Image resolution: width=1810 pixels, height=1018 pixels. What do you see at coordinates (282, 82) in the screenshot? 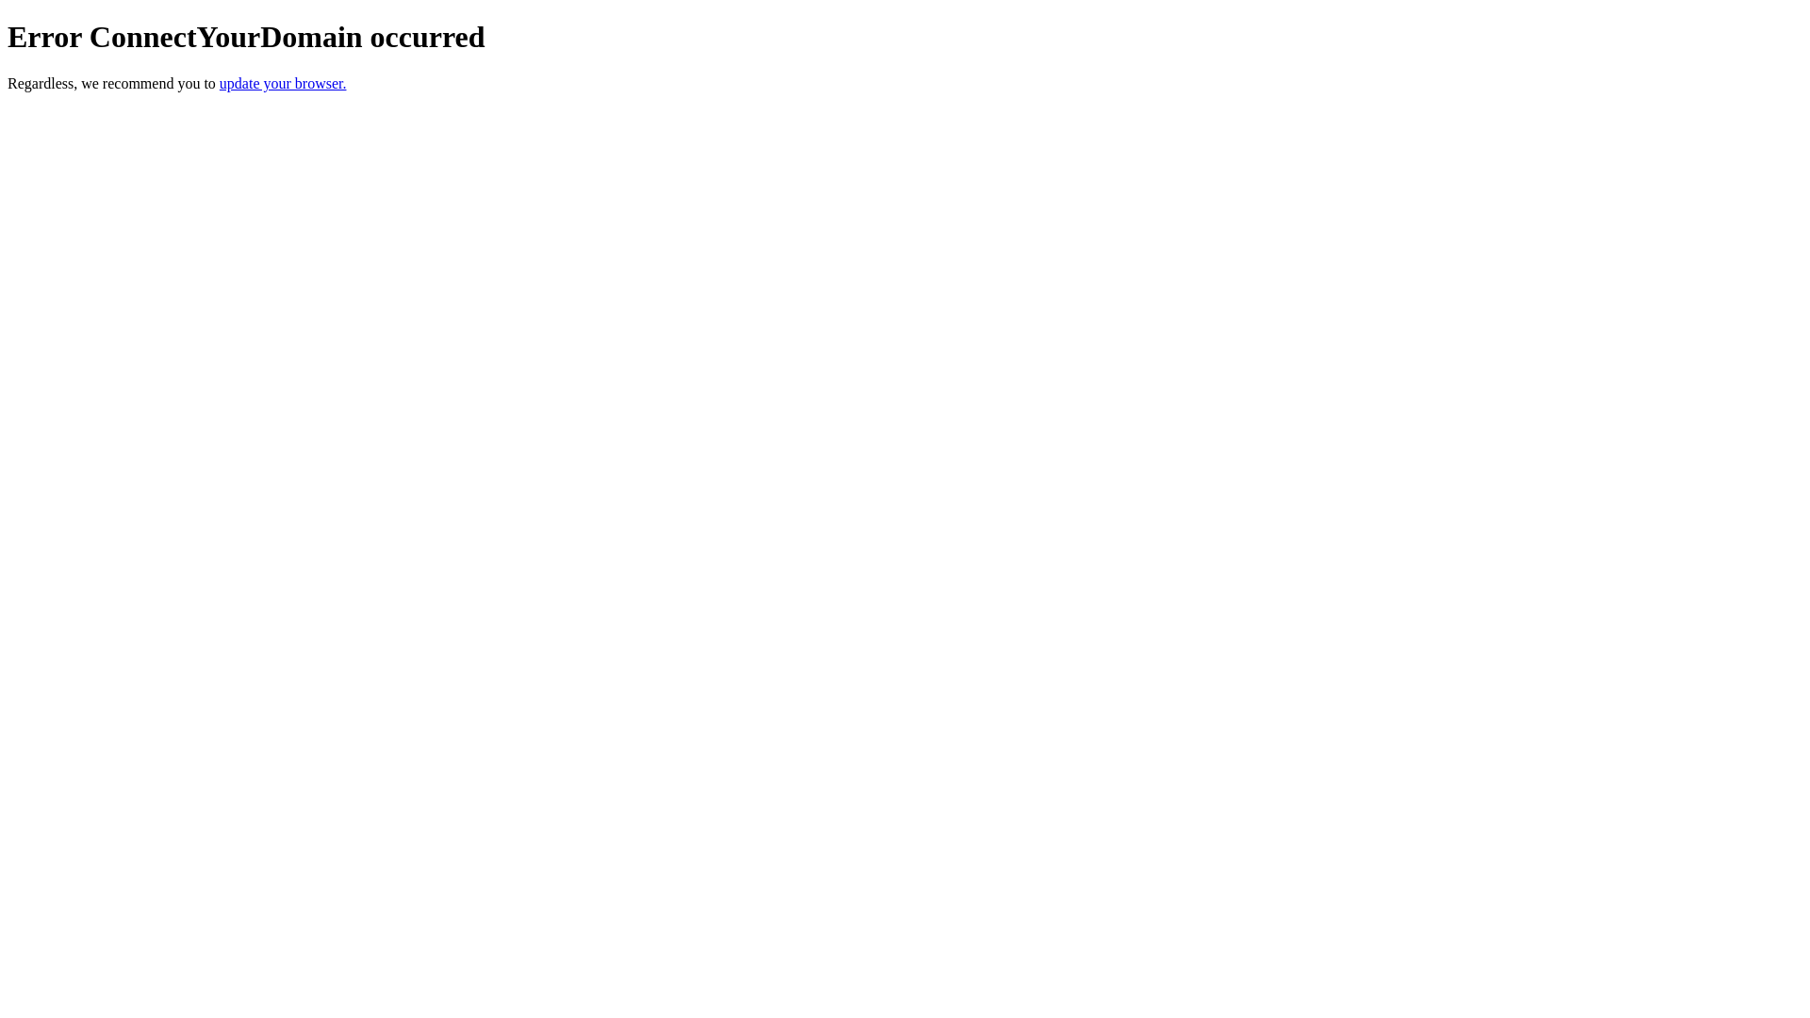
I see `'update your browser.'` at bounding box center [282, 82].